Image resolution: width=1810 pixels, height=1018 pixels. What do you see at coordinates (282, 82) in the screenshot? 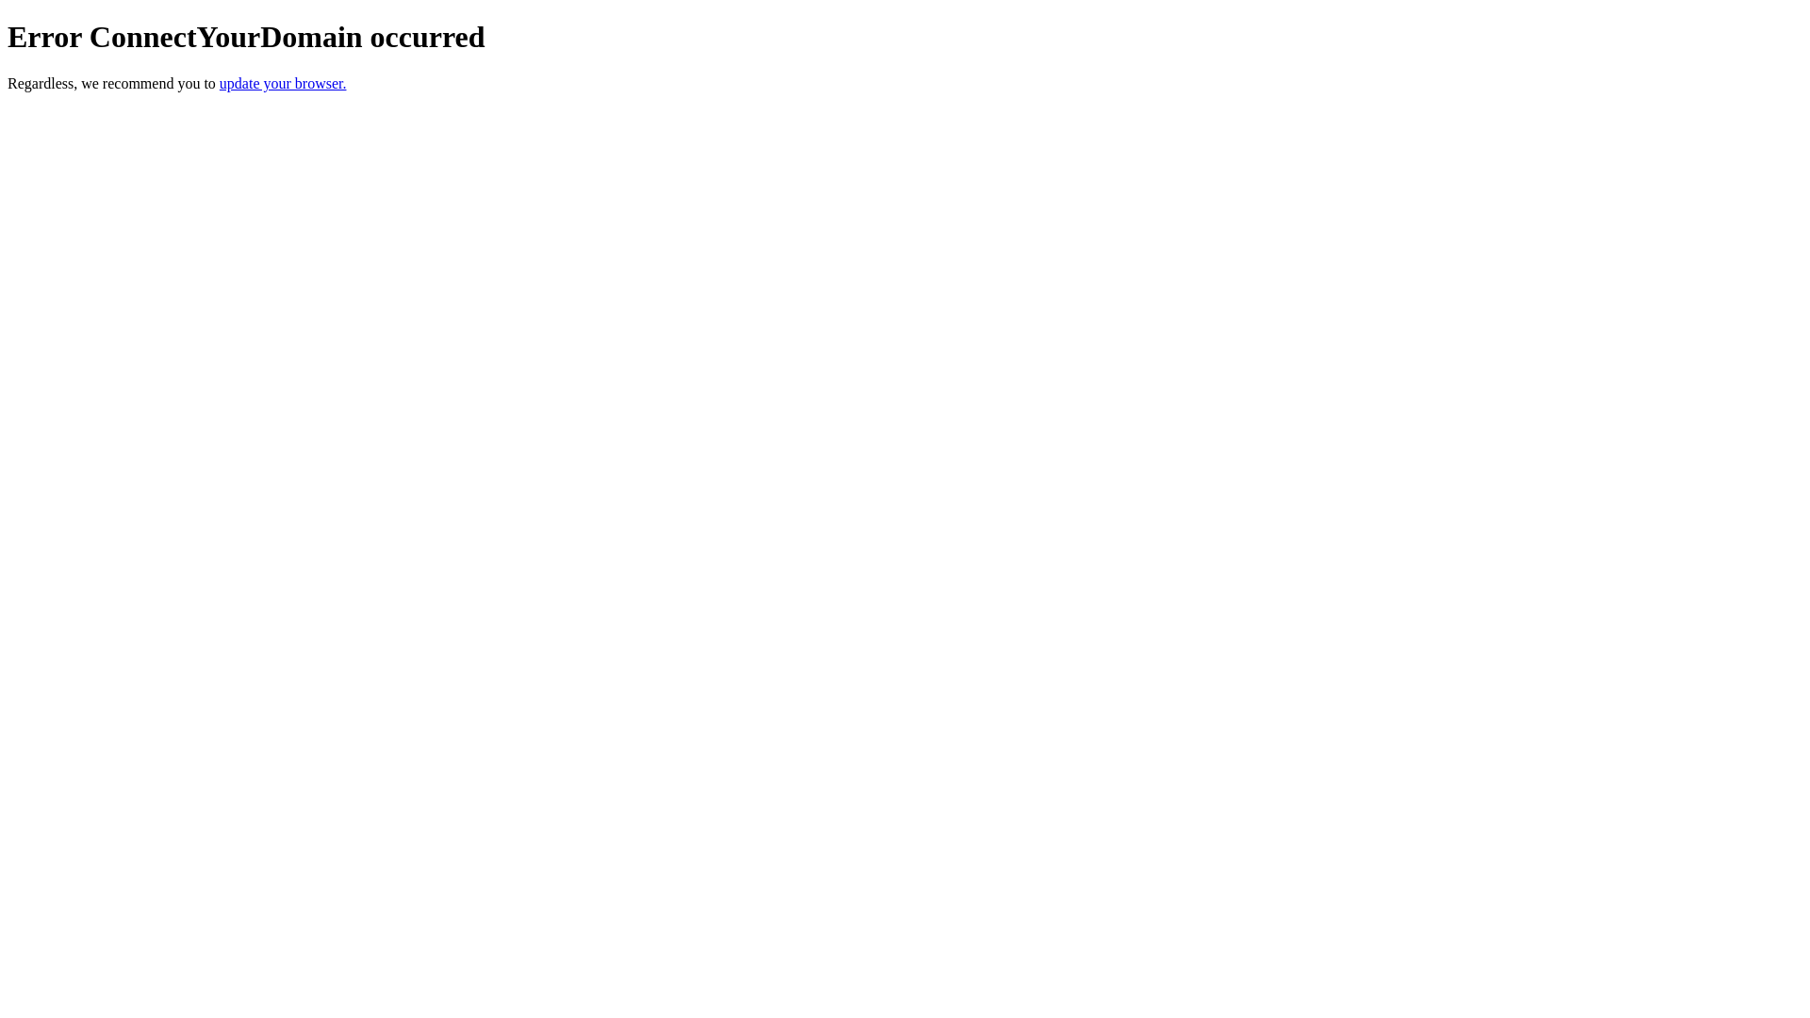
I see `'update your browser.'` at bounding box center [282, 82].